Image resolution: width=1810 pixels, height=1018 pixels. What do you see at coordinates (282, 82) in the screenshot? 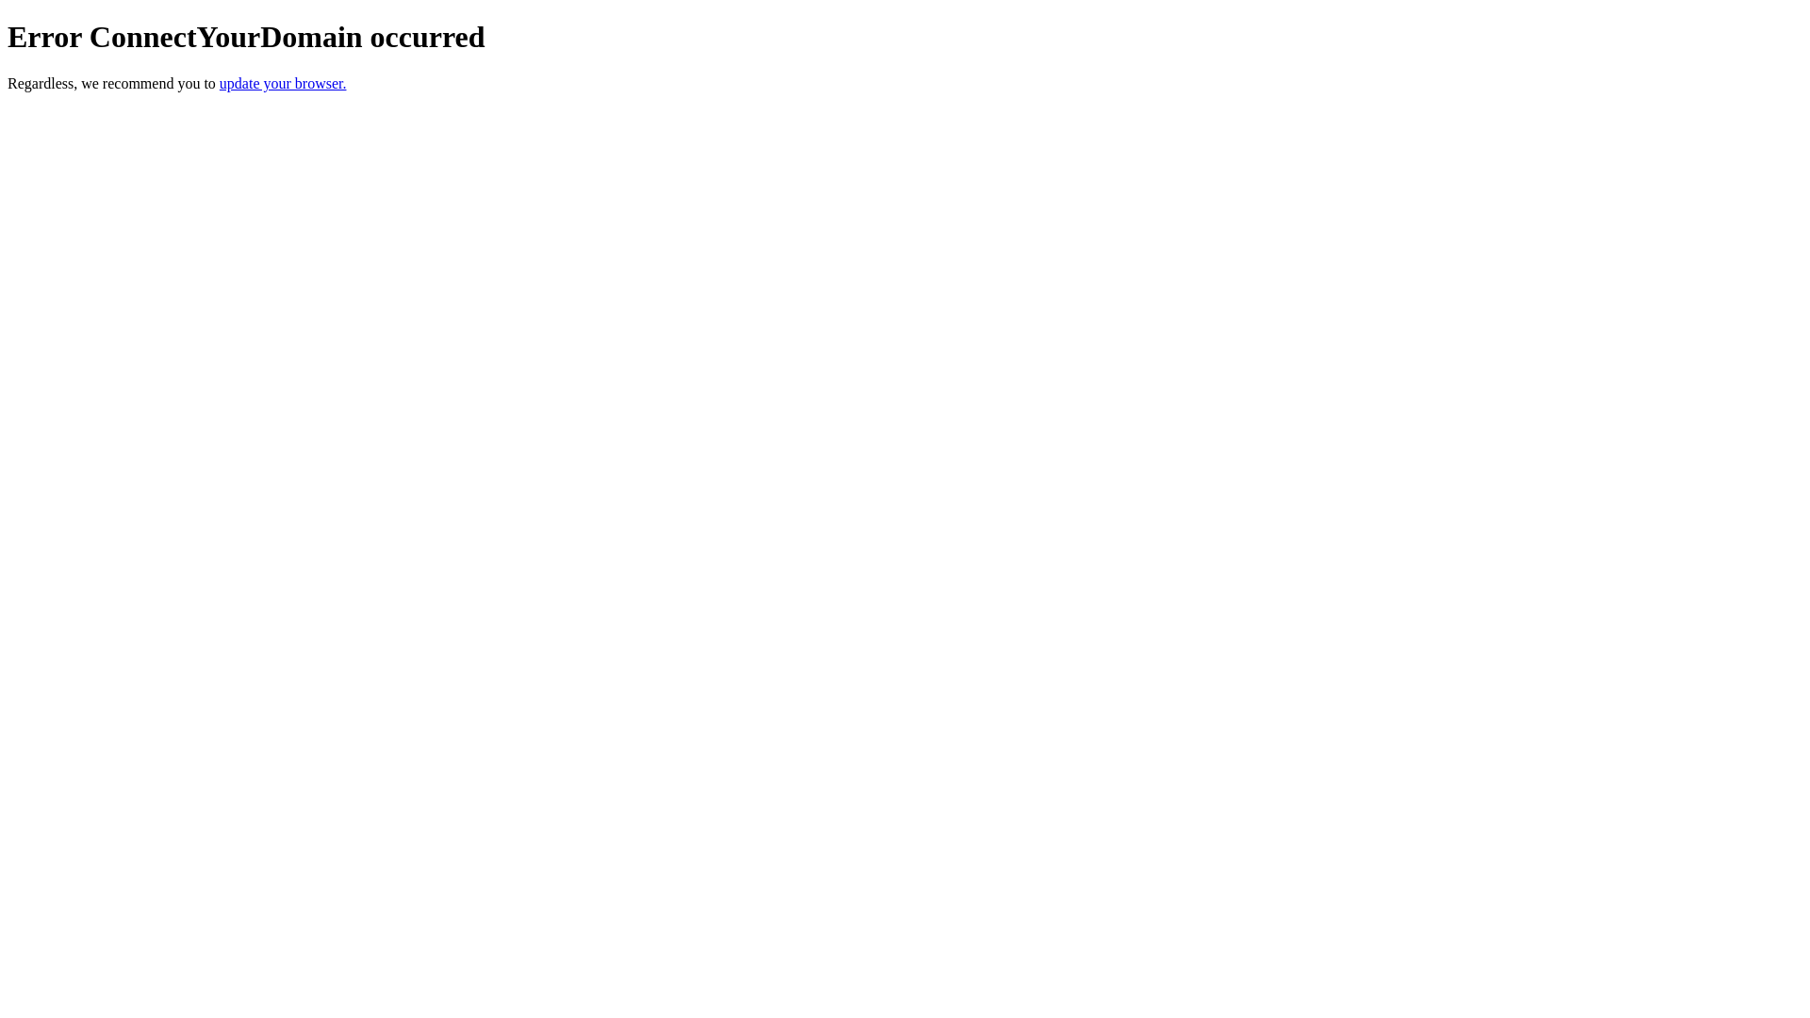
I see `'update your browser.'` at bounding box center [282, 82].